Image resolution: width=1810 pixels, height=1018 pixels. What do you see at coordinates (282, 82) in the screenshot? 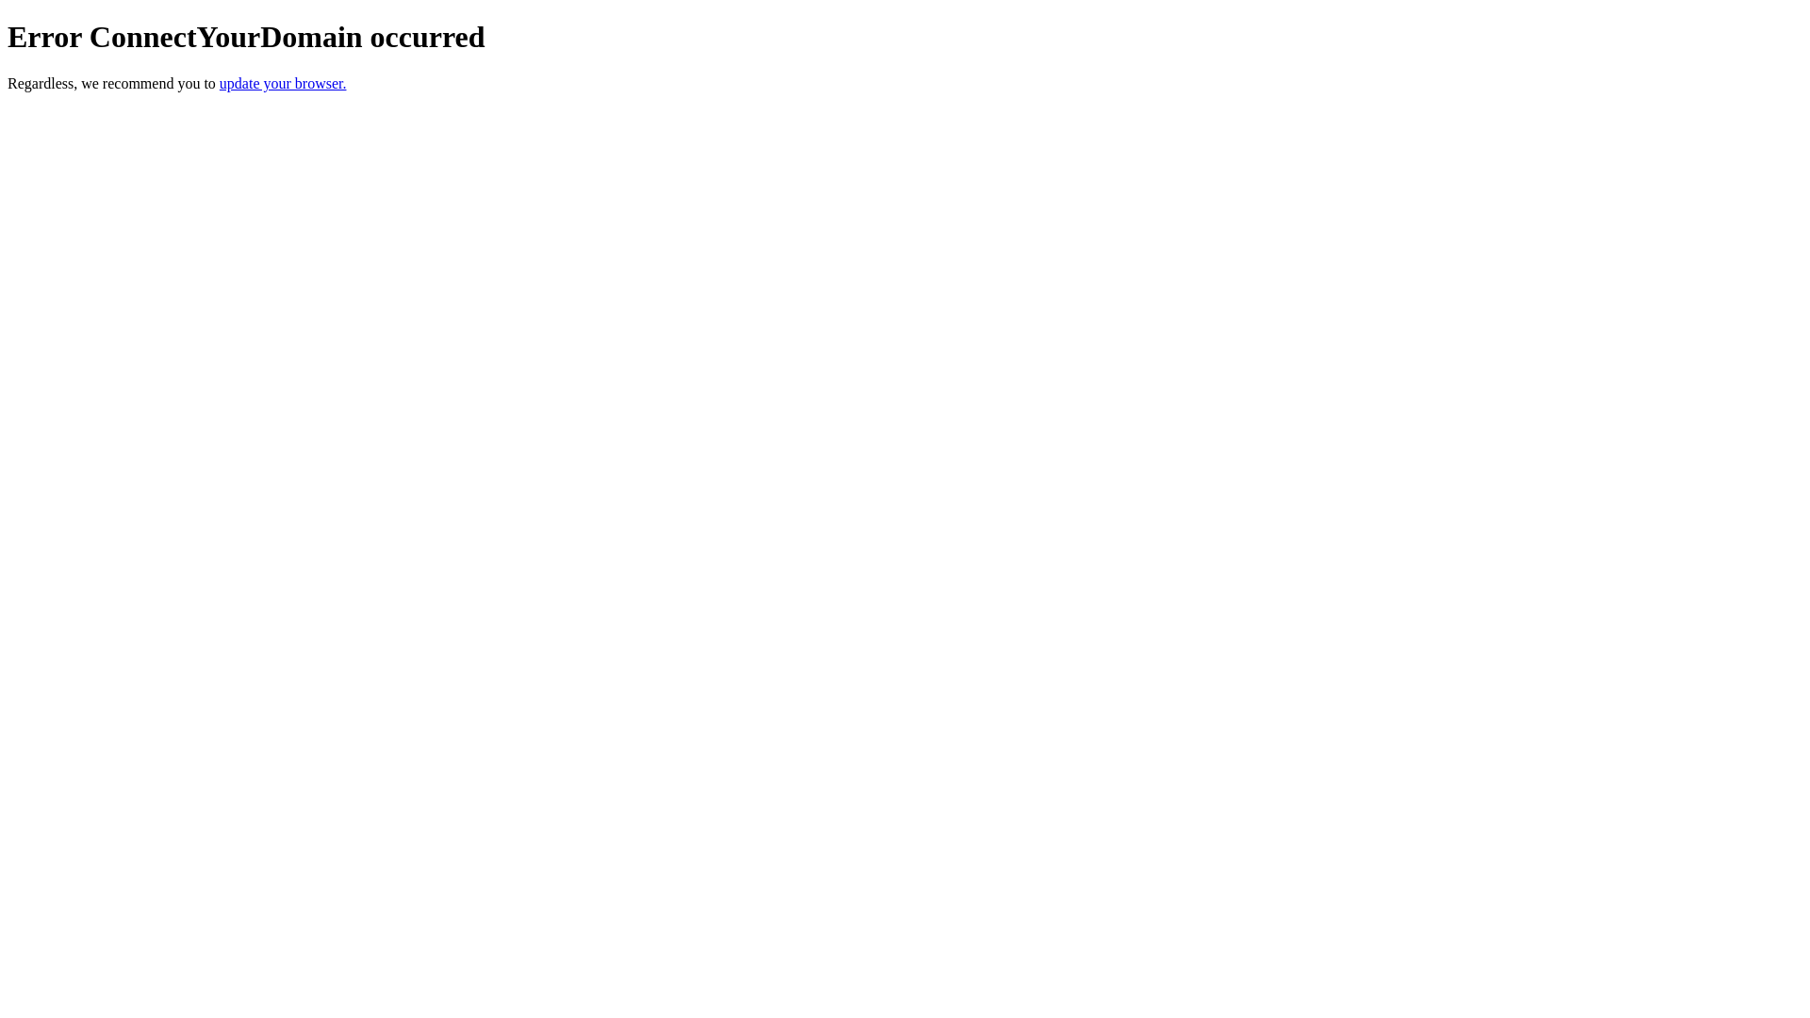
I see `'update your browser.'` at bounding box center [282, 82].